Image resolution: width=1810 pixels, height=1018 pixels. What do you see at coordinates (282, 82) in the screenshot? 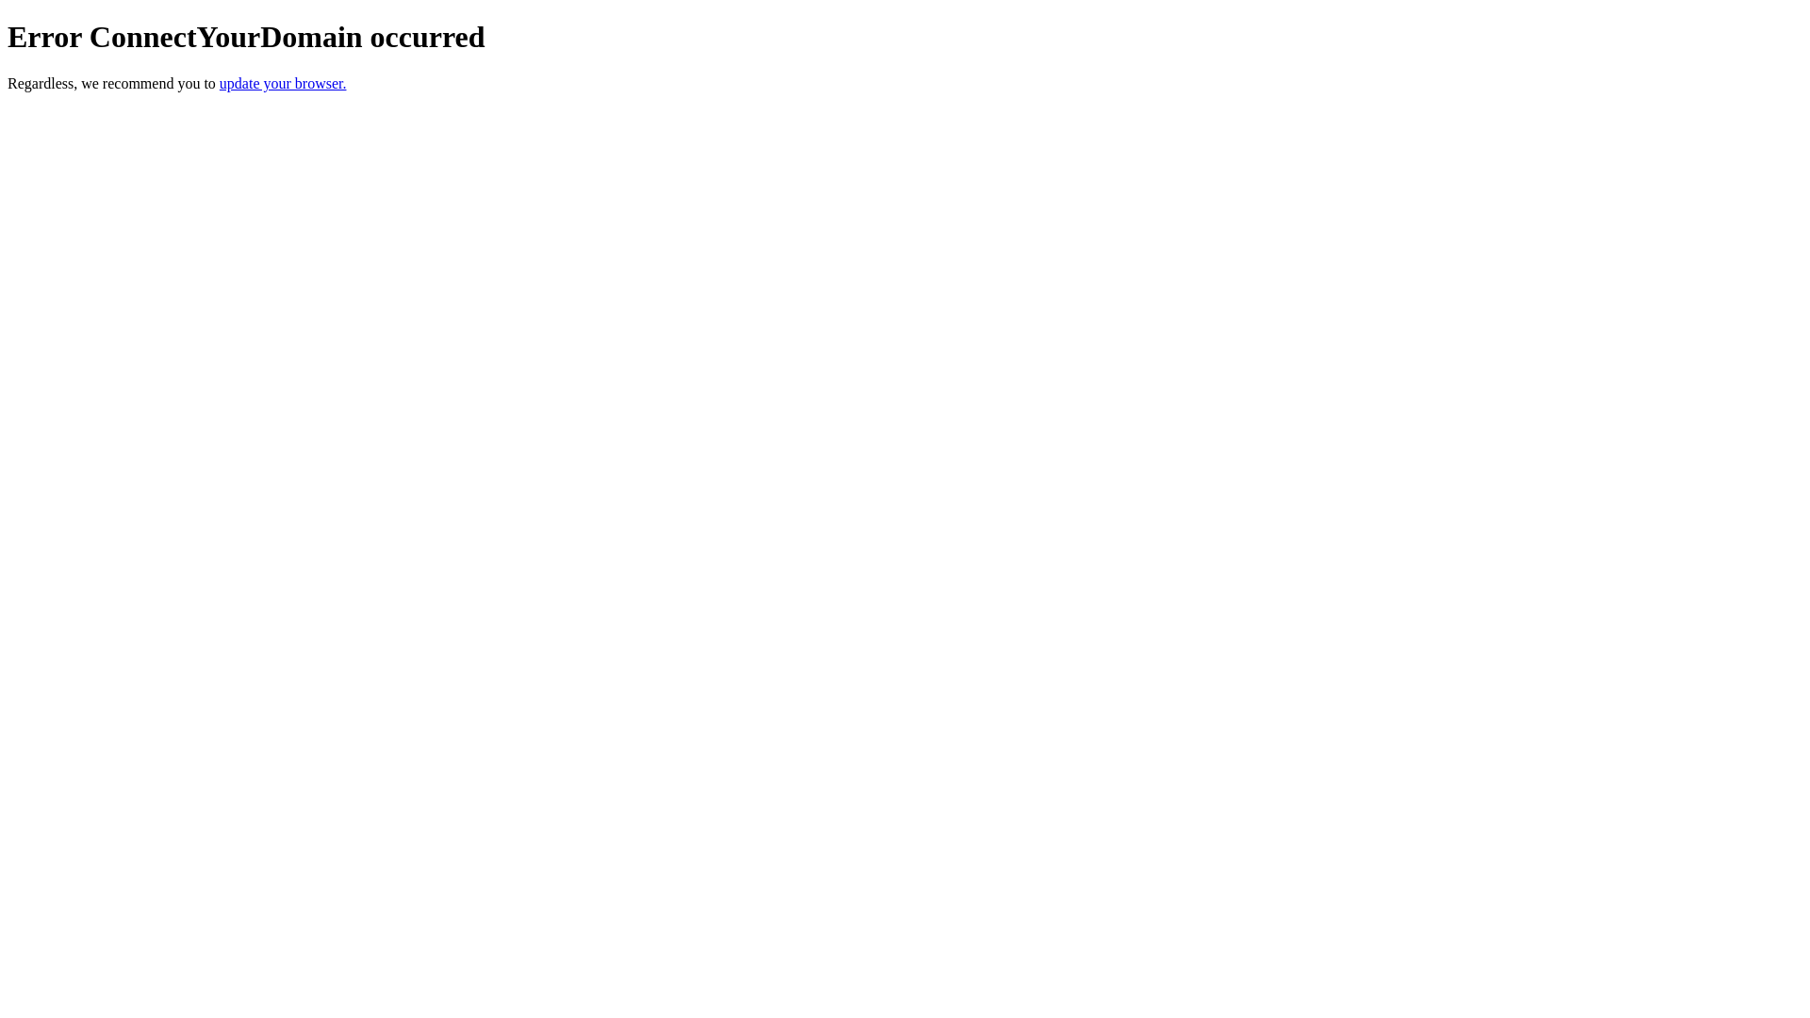
I see `'update your browser.'` at bounding box center [282, 82].